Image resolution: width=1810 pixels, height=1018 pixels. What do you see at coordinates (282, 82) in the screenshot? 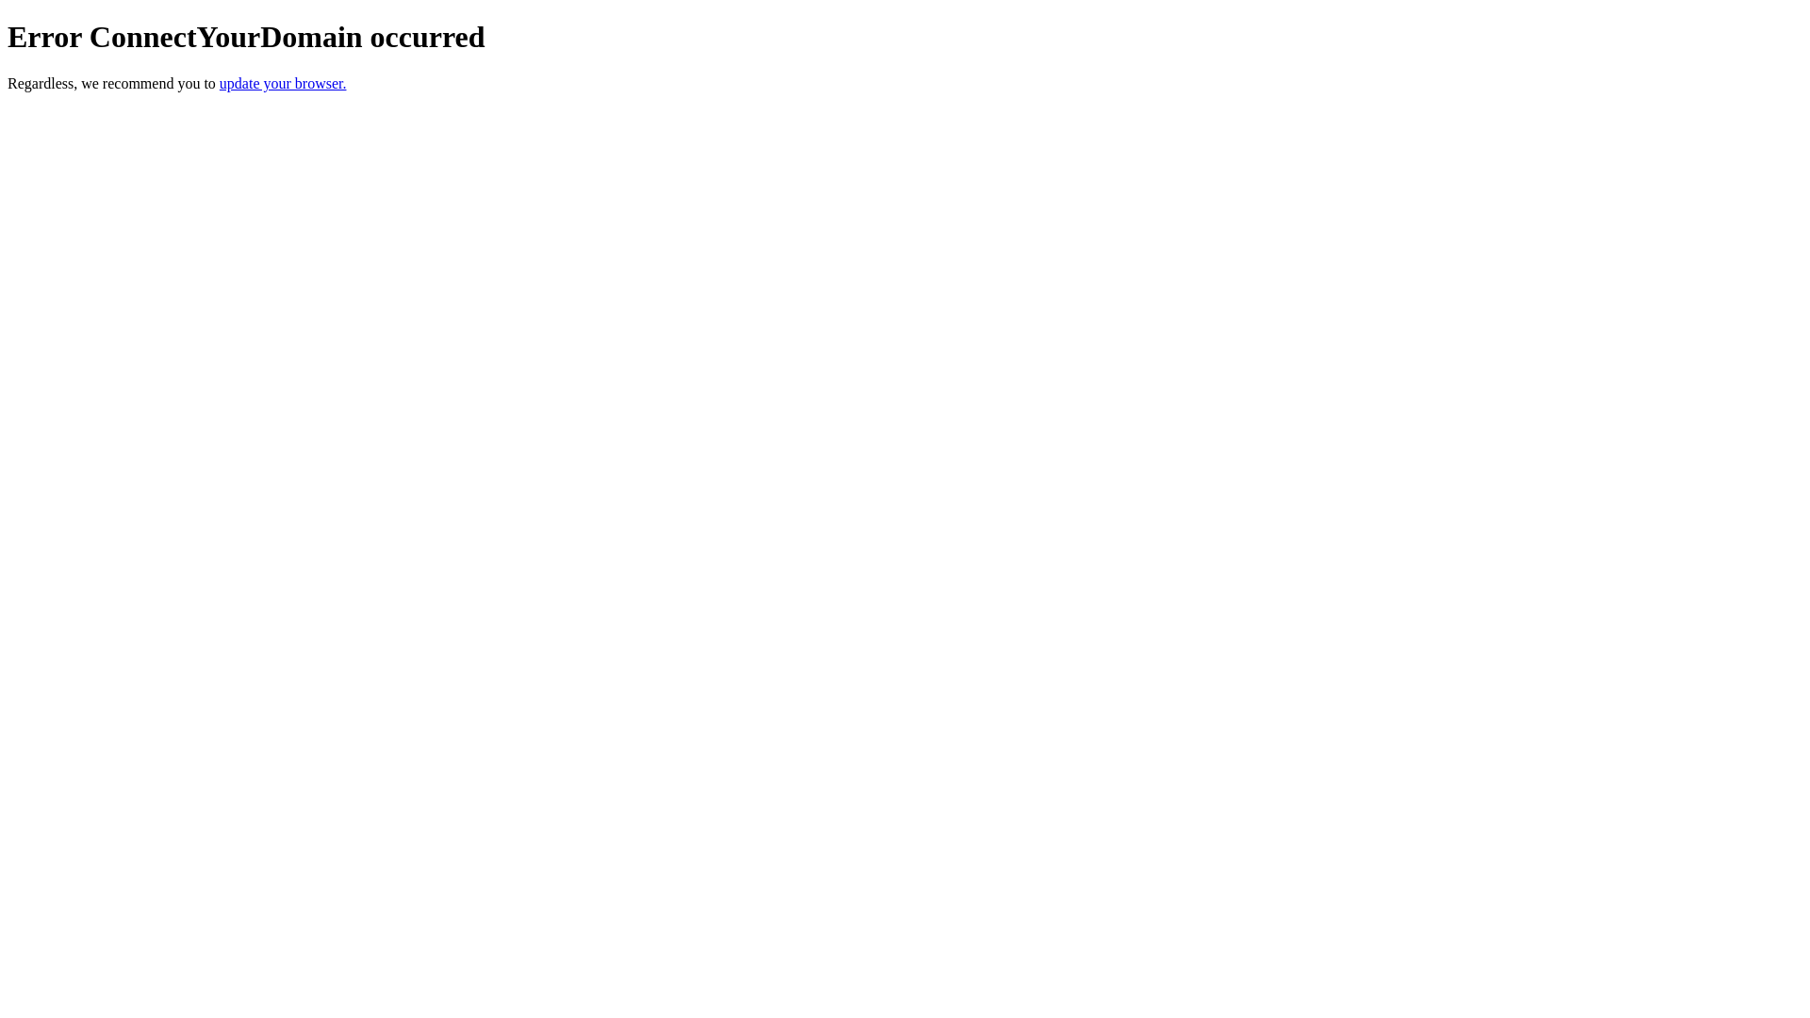
I see `'update your browser.'` at bounding box center [282, 82].